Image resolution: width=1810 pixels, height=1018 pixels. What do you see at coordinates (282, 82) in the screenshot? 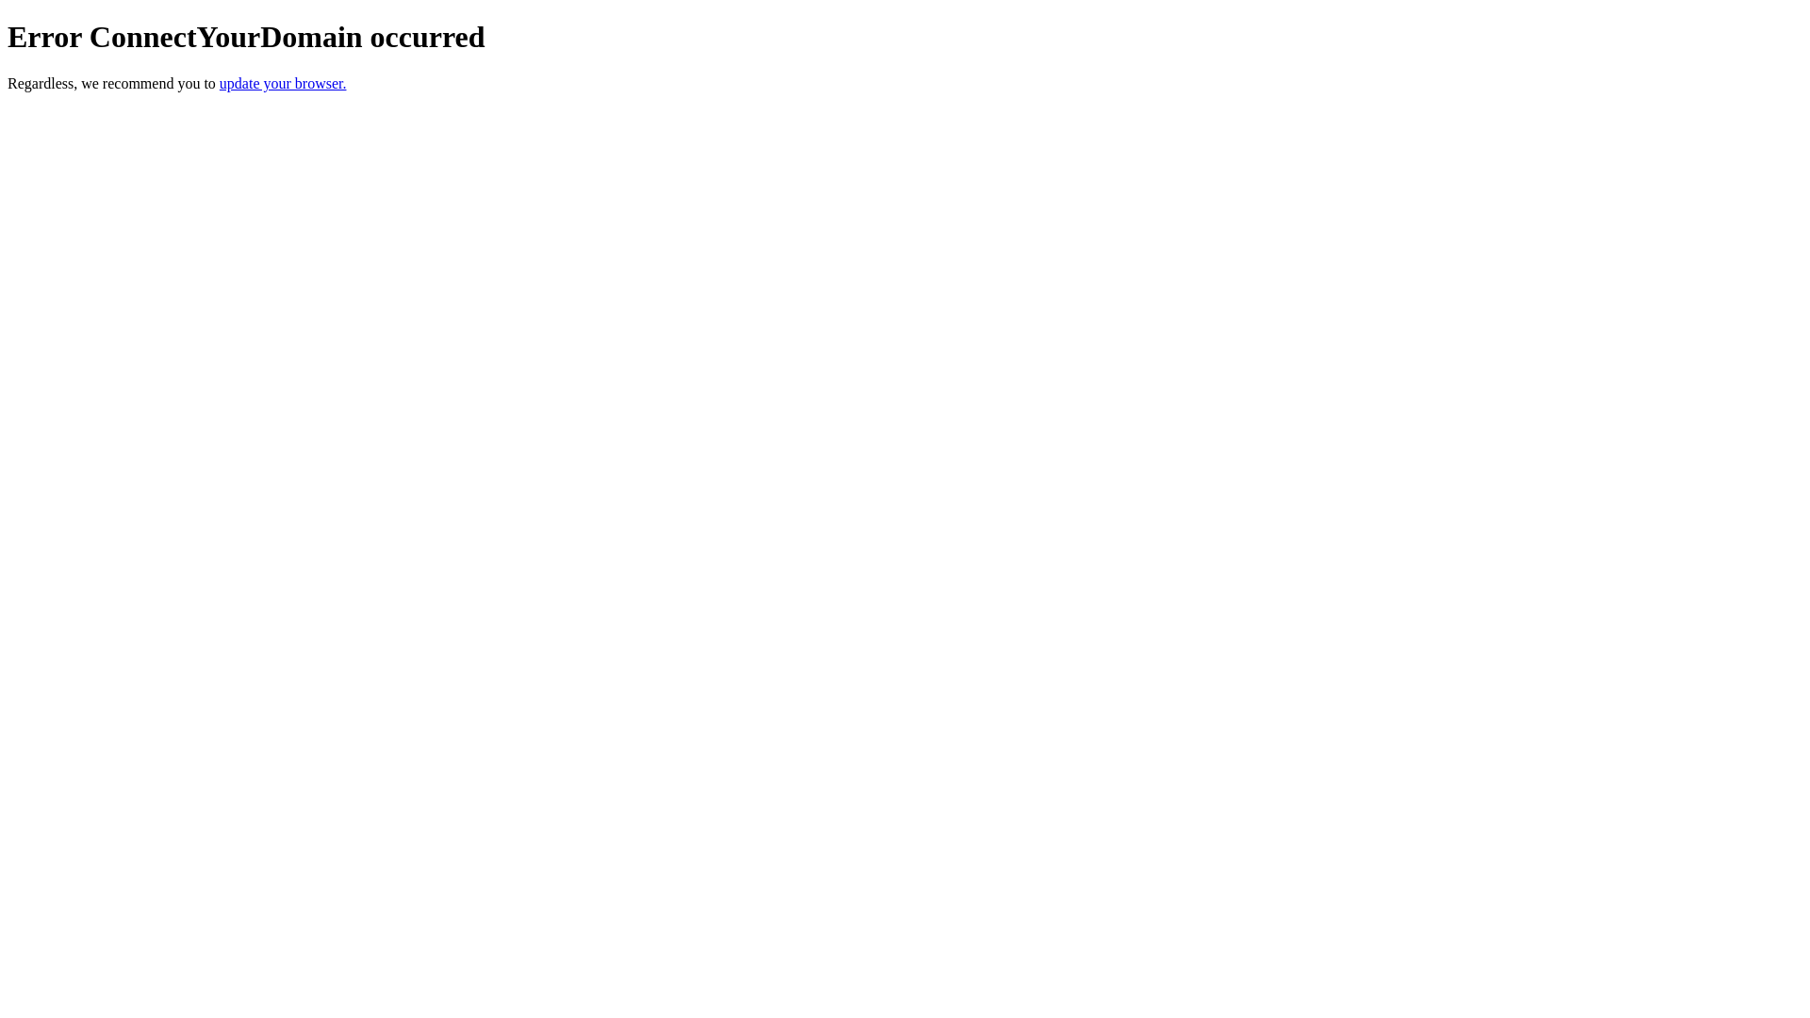
I see `'update your browser.'` at bounding box center [282, 82].